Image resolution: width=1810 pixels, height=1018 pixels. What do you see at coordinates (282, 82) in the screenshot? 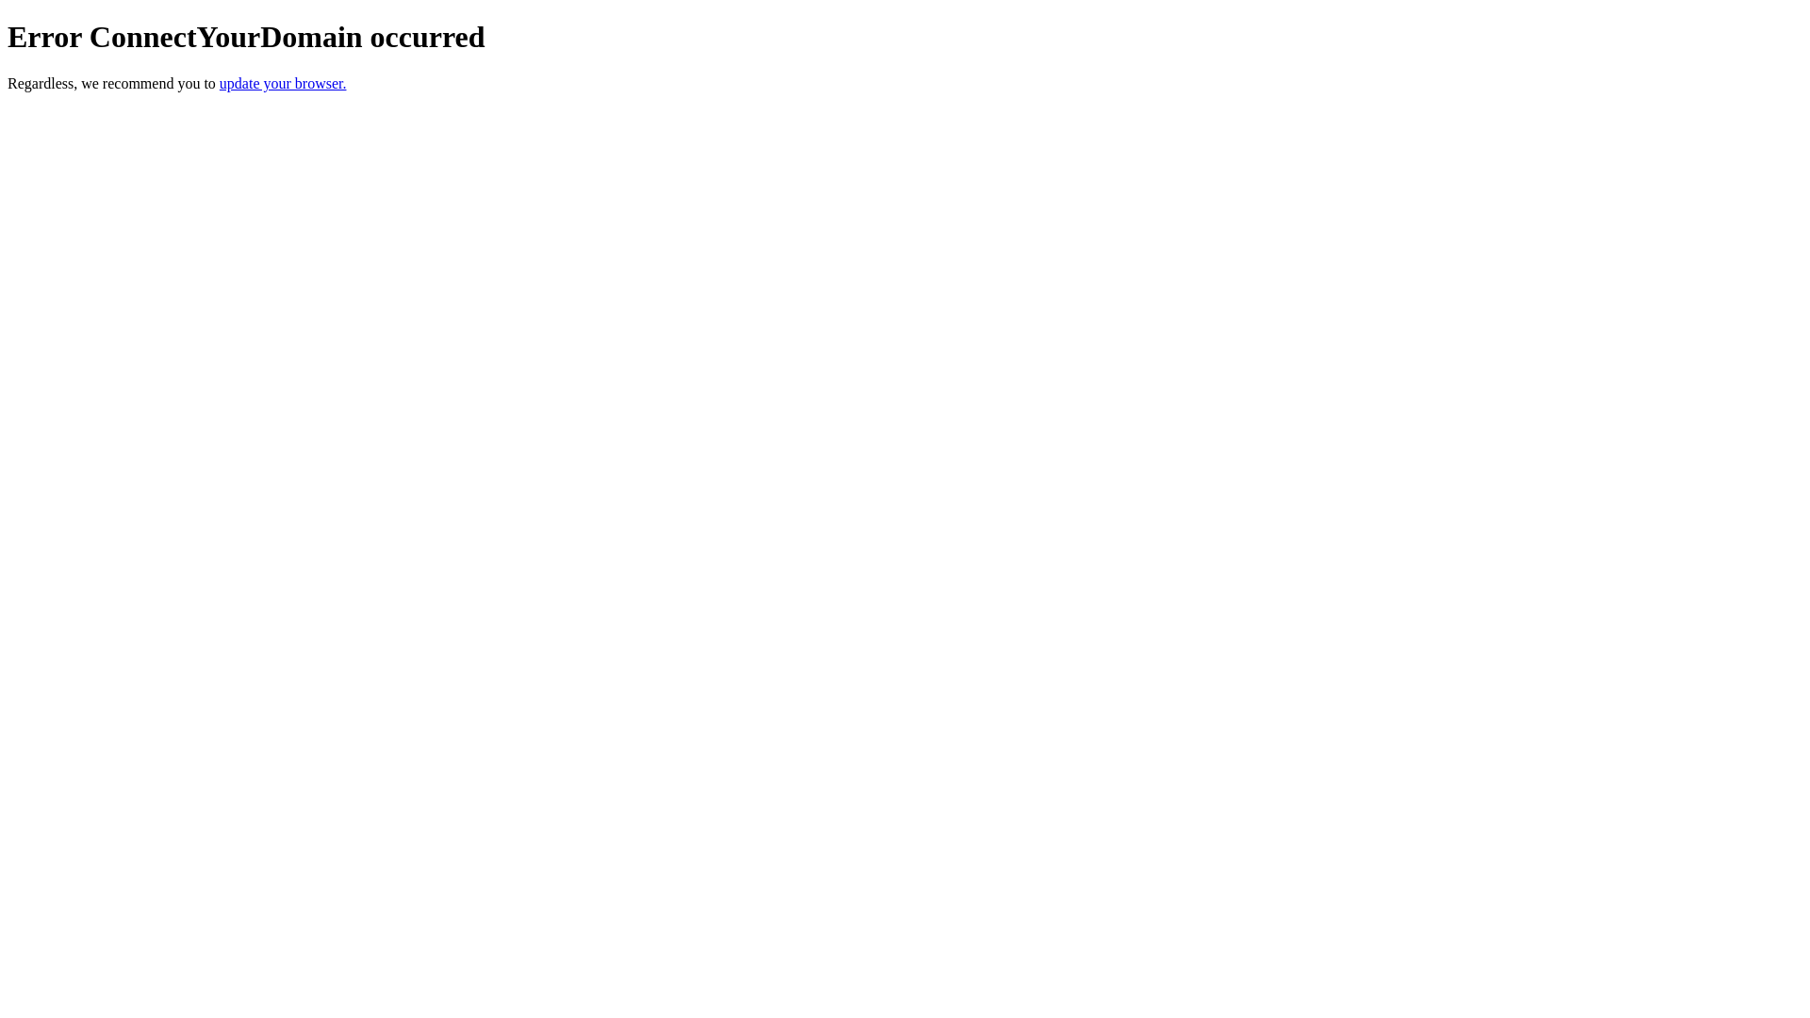
I see `'update your browser.'` at bounding box center [282, 82].